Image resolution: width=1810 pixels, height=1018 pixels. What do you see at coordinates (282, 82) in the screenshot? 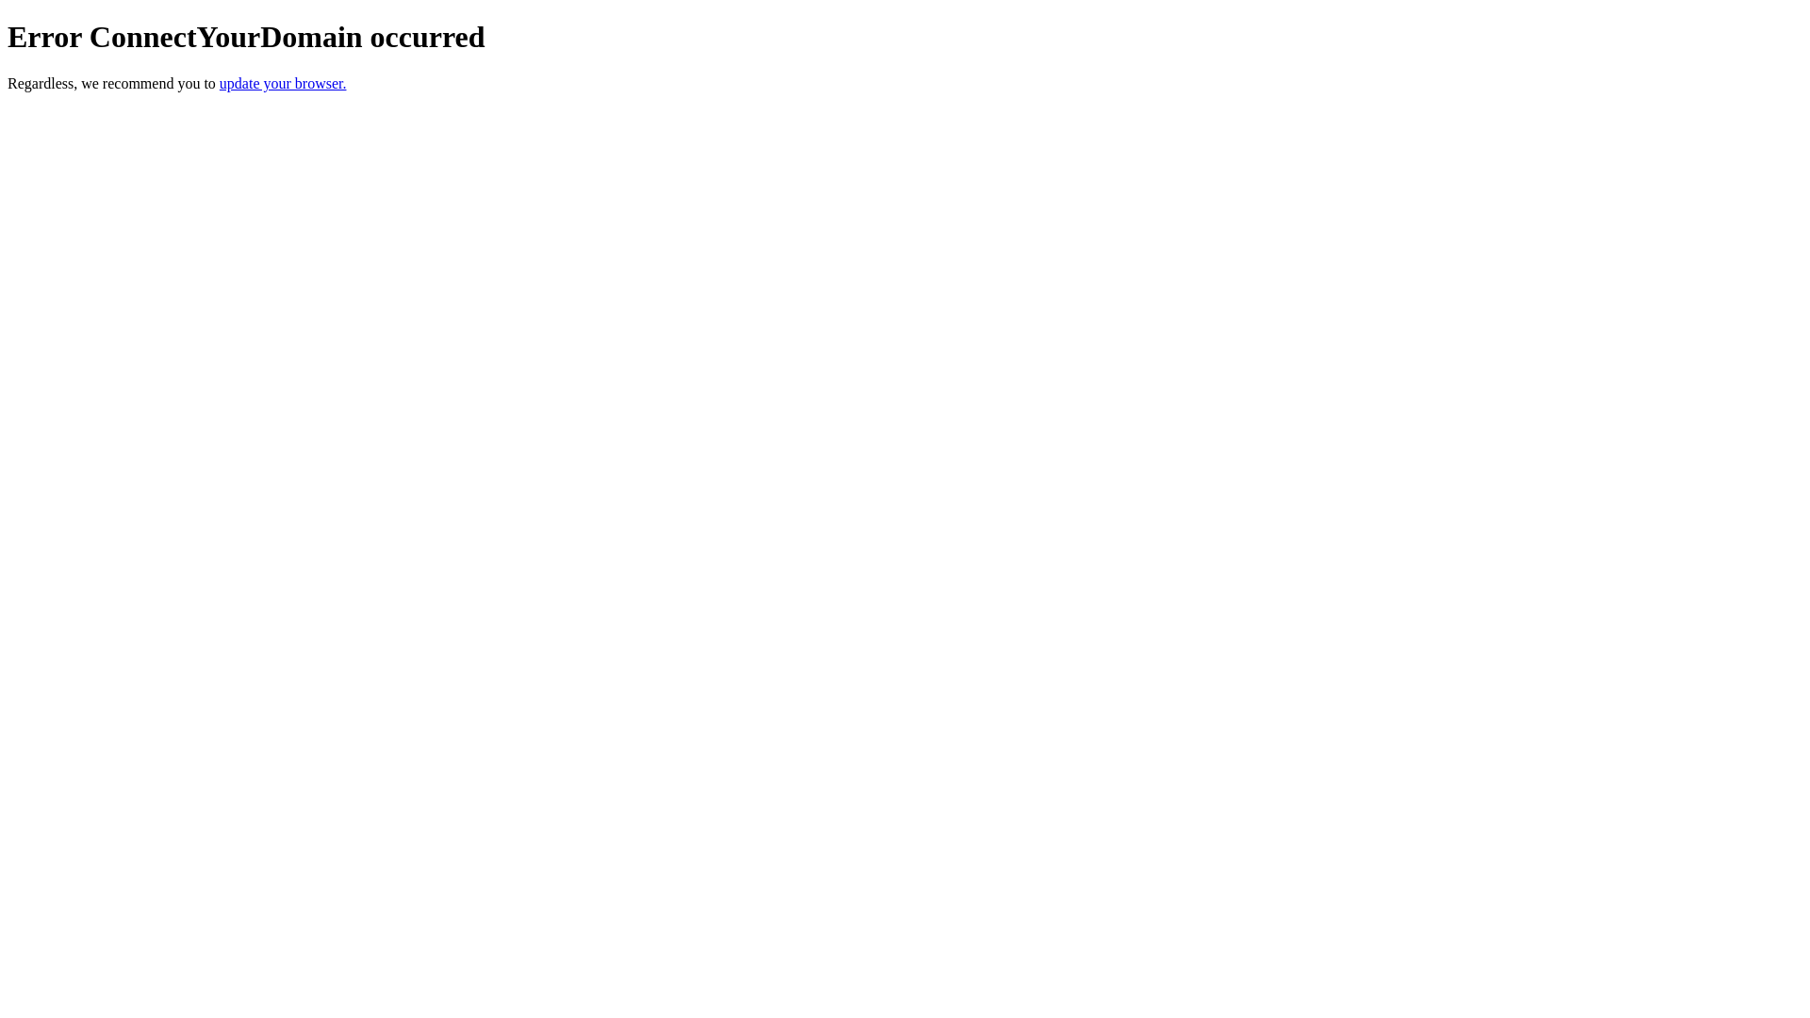
I see `'update your browser.'` at bounding box center [282, 82].